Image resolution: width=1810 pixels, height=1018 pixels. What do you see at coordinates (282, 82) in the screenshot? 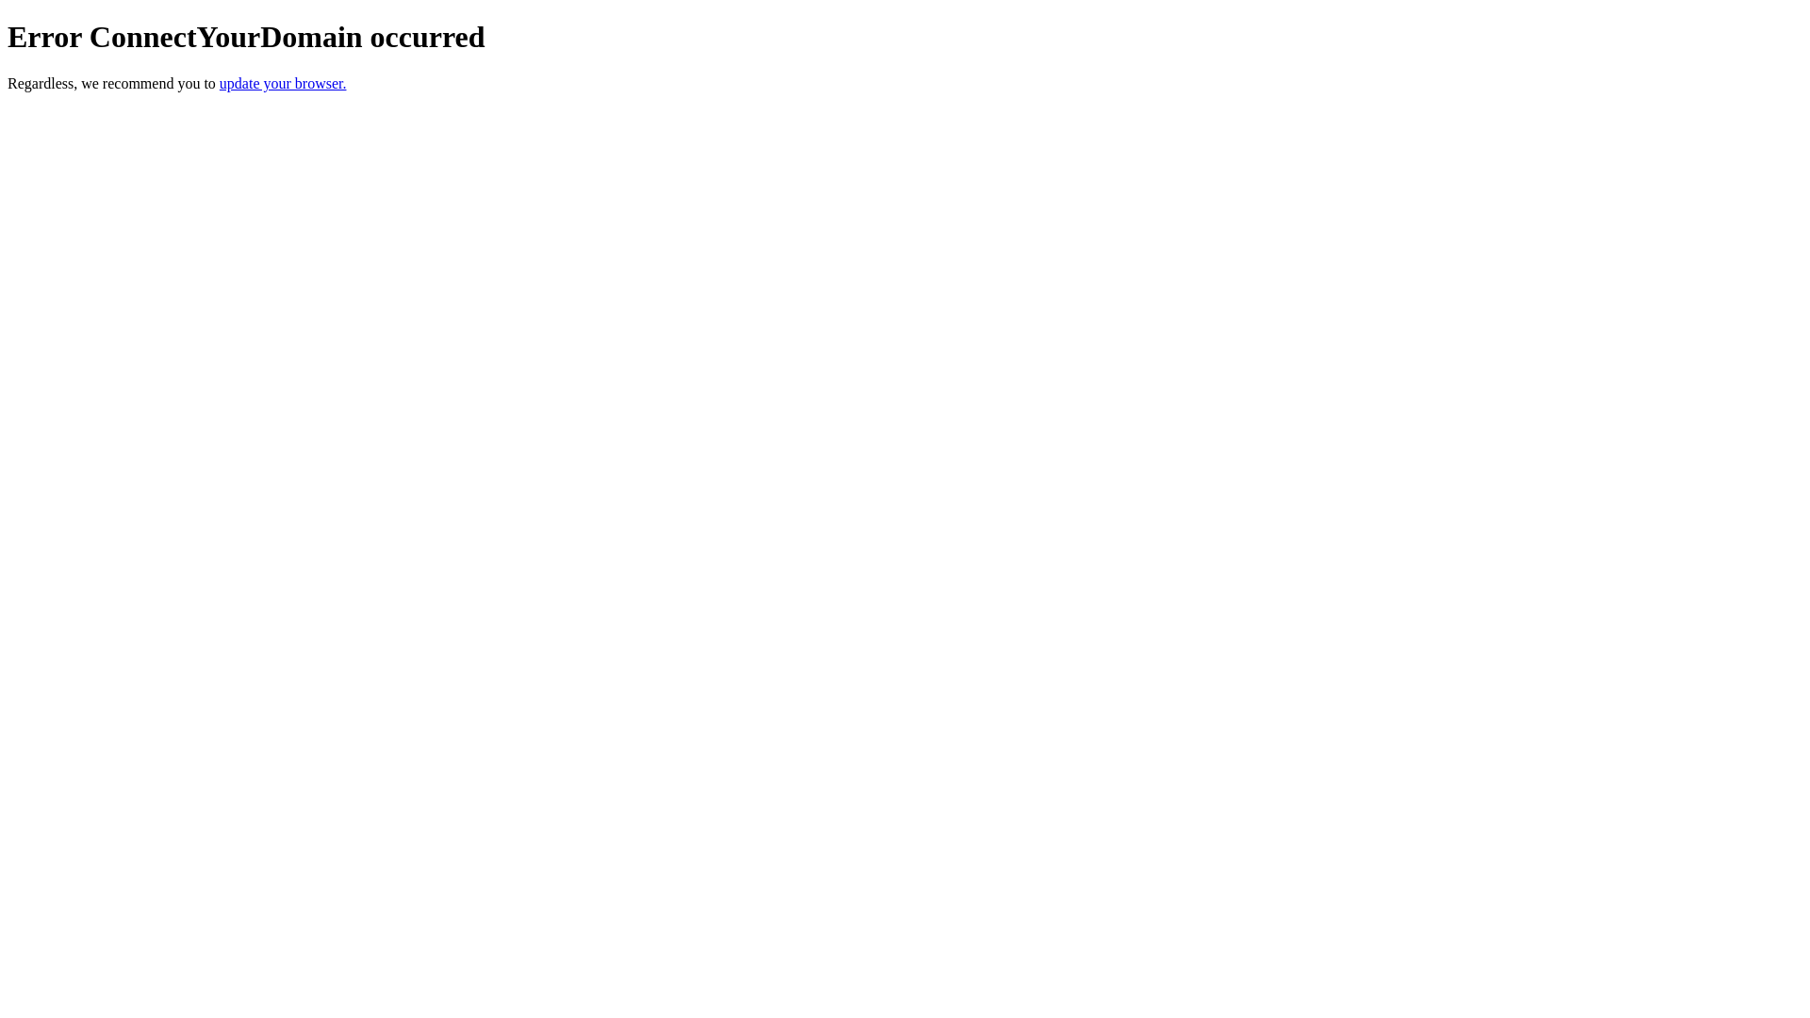
I see `'update your browser.'` at bounding box center [282, 82].